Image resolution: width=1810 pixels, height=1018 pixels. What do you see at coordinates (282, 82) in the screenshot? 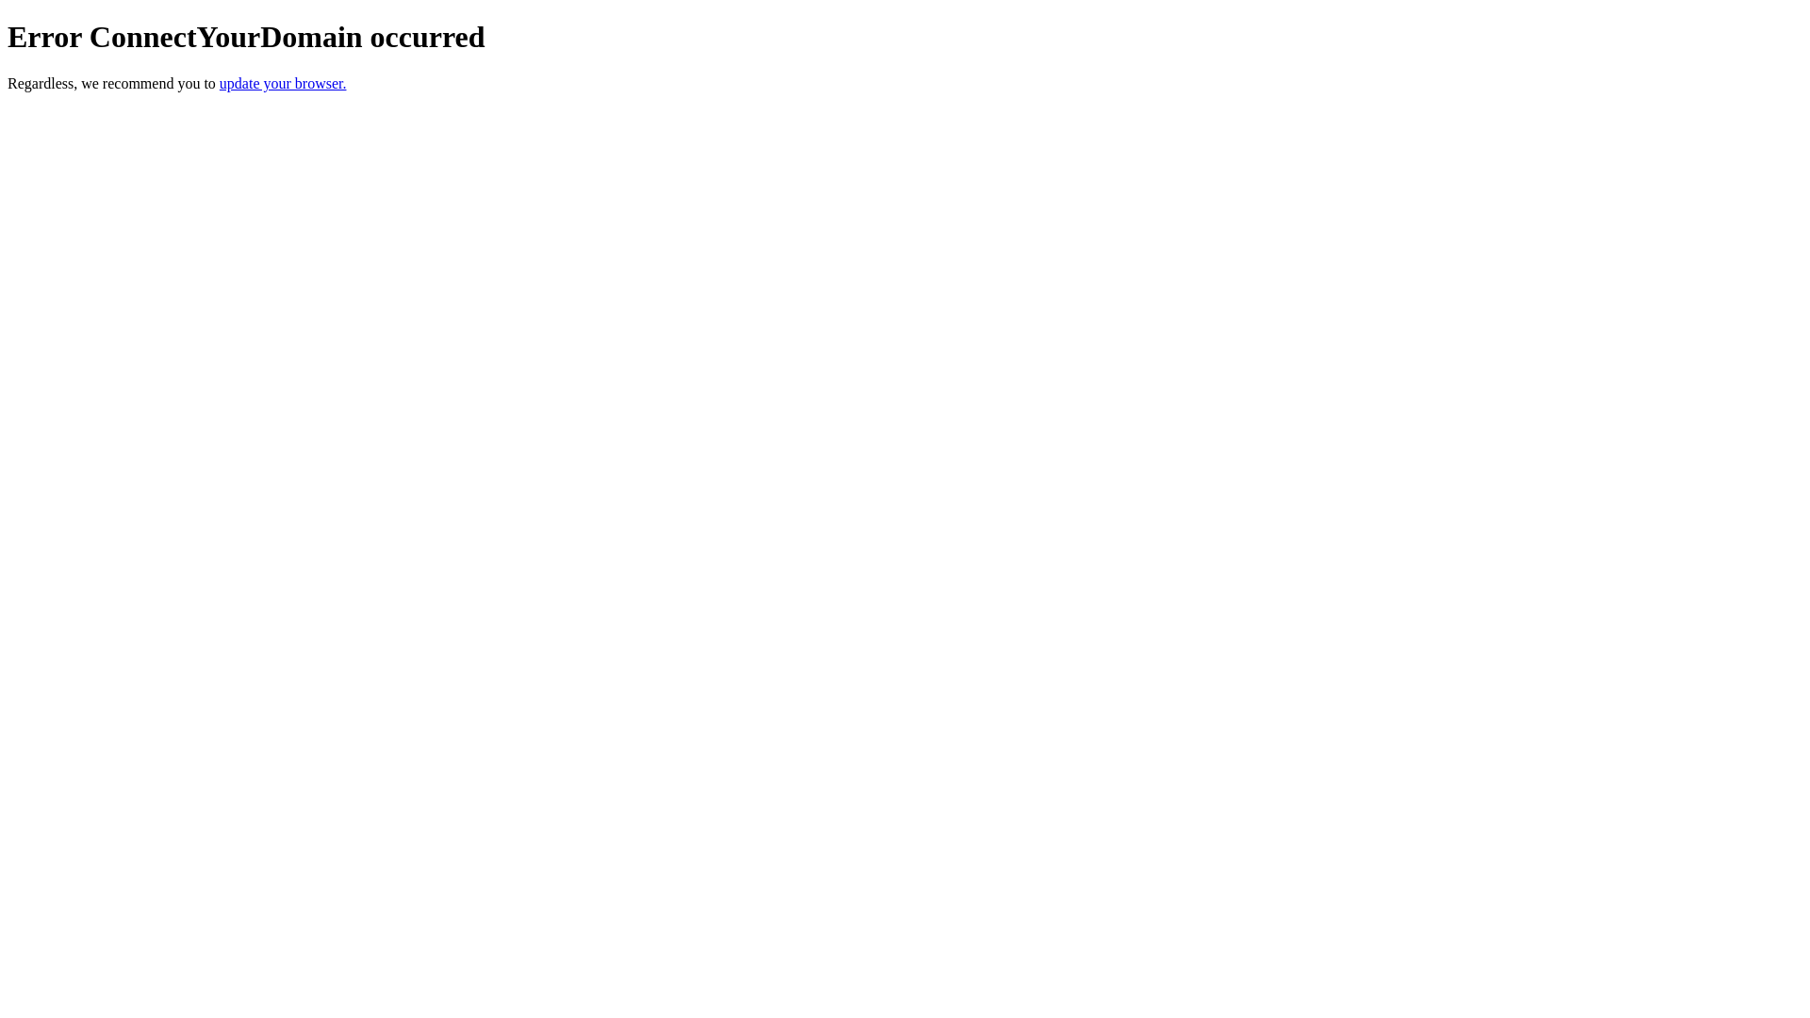
I see `'update your browser.'` at bounding box center [282, 82].